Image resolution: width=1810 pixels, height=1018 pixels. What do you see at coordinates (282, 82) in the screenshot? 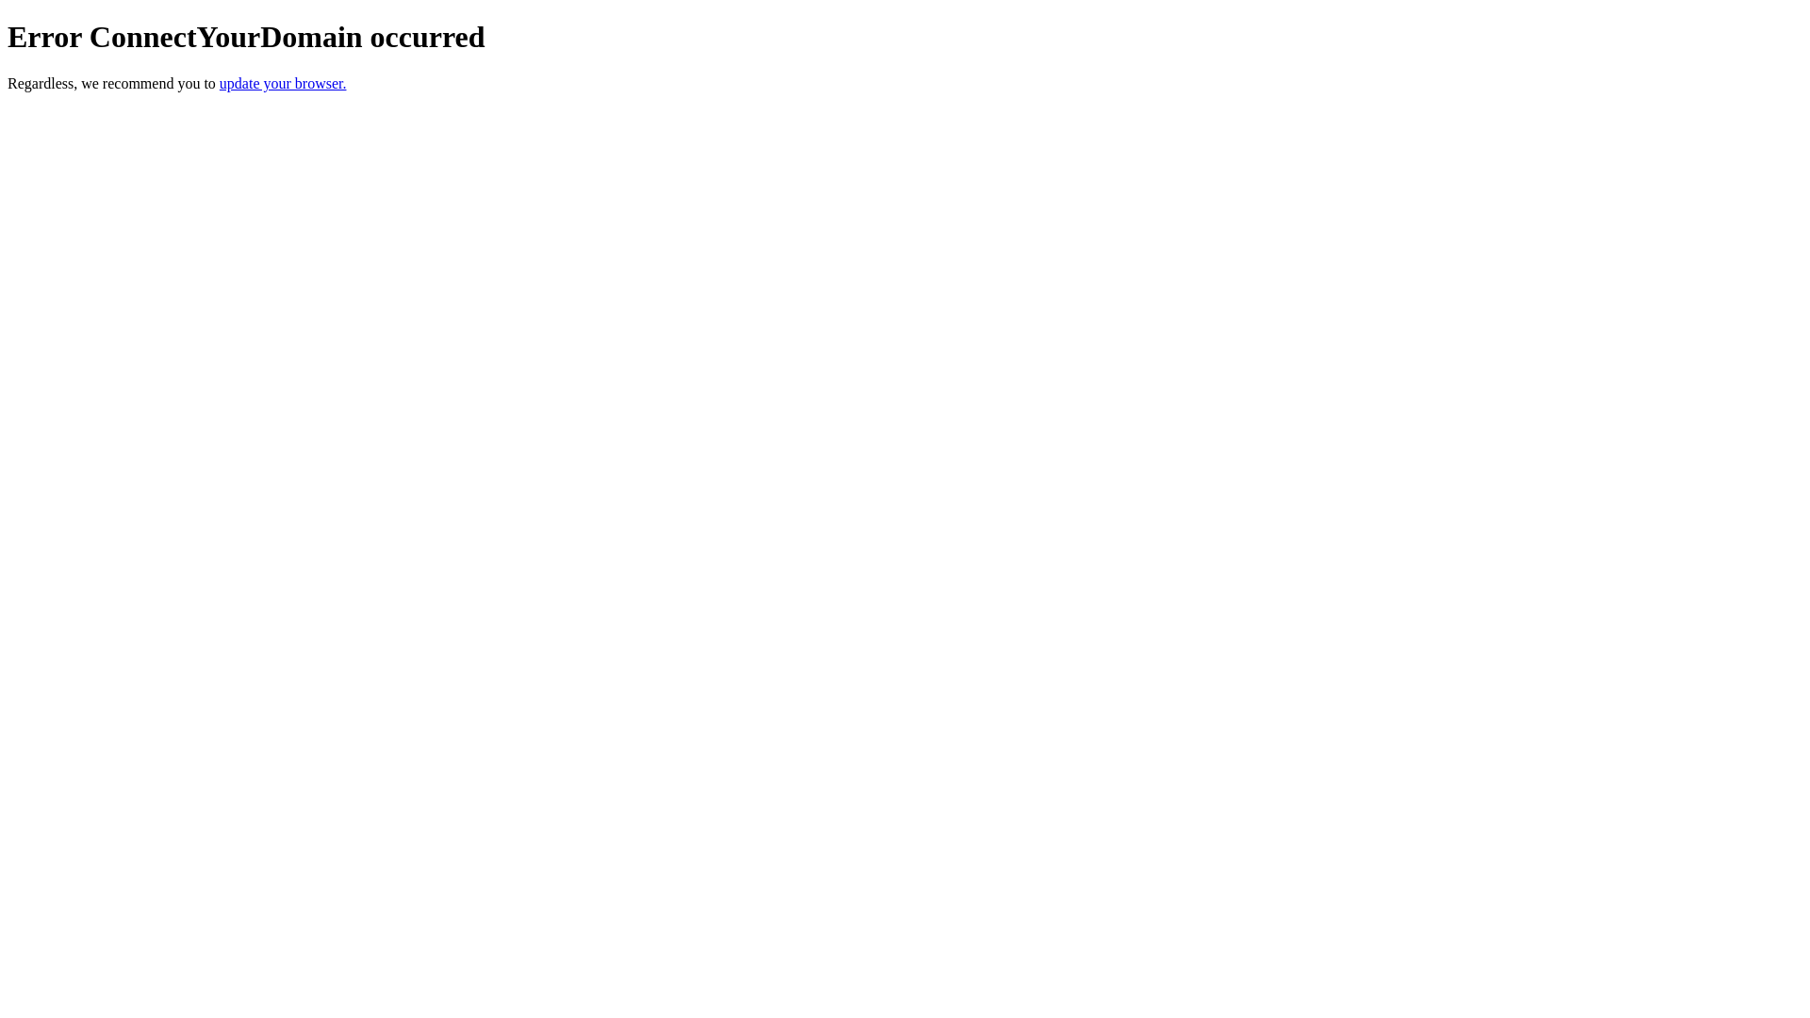
I see `'update your browser.'` at bounding box center [282, 82].